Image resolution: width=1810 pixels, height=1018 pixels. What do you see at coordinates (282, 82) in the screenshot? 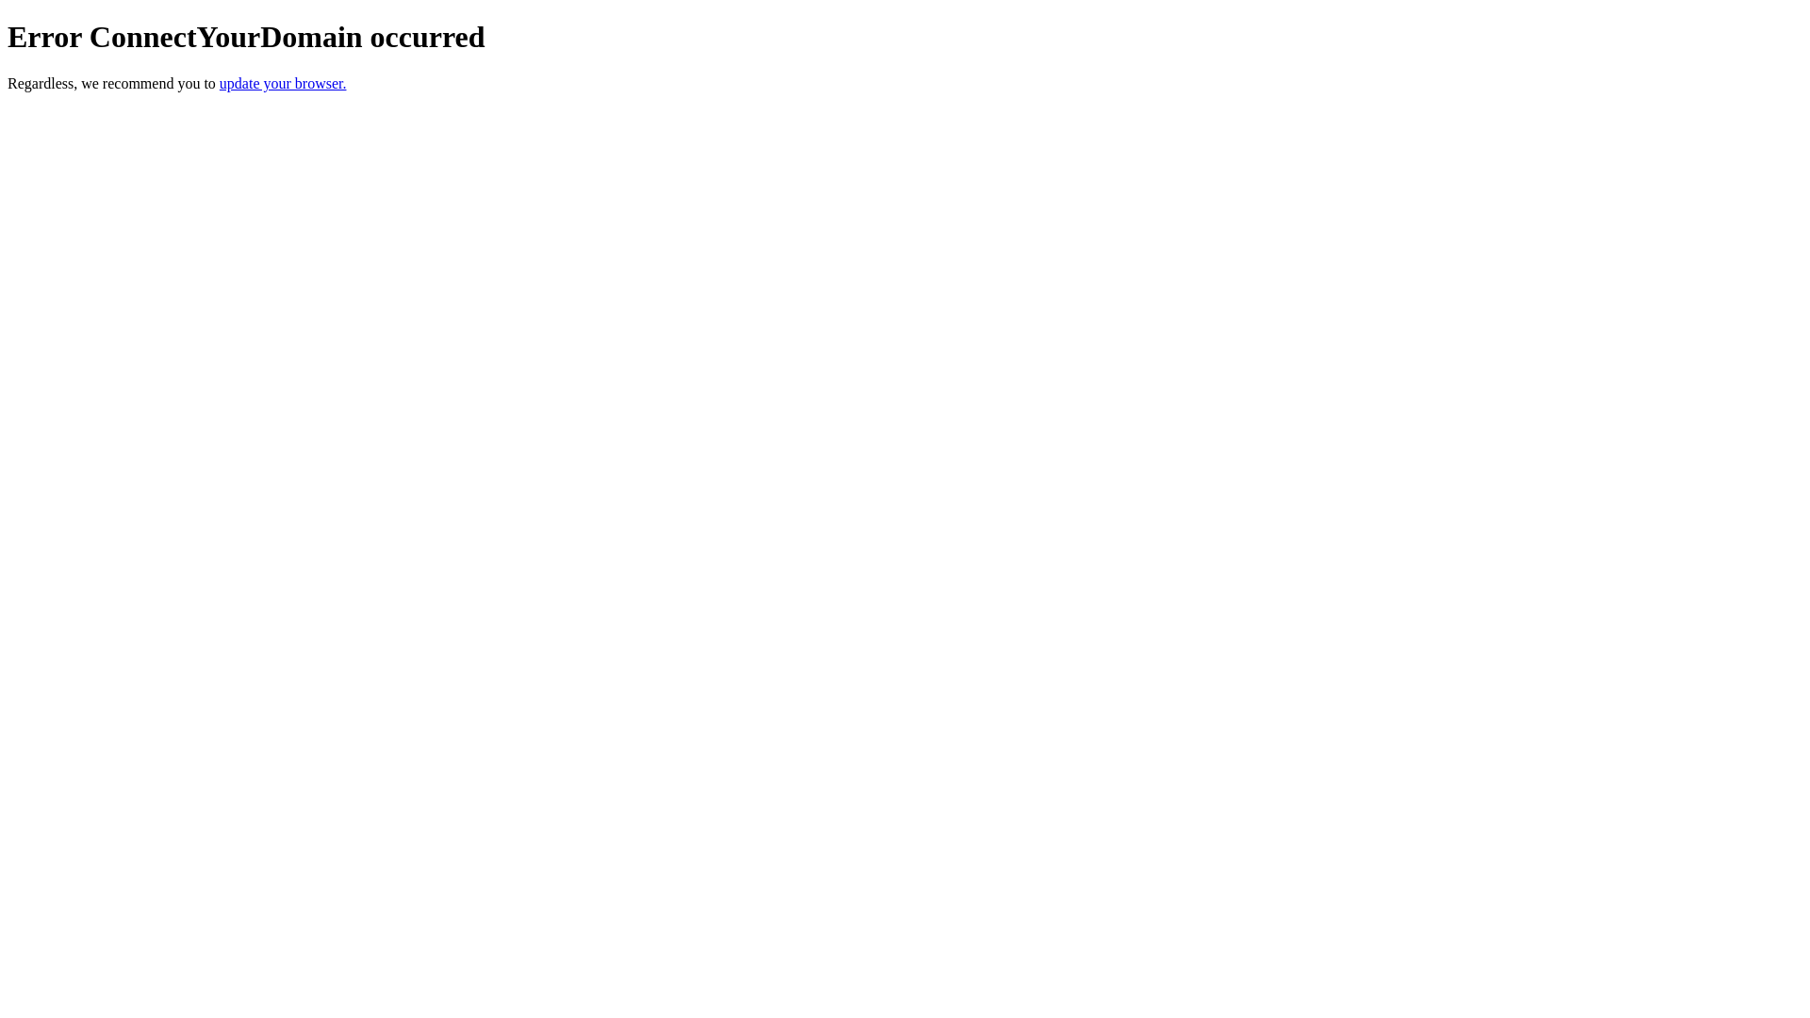
I see `'update your browser.'` at bounding box center [282, 82].